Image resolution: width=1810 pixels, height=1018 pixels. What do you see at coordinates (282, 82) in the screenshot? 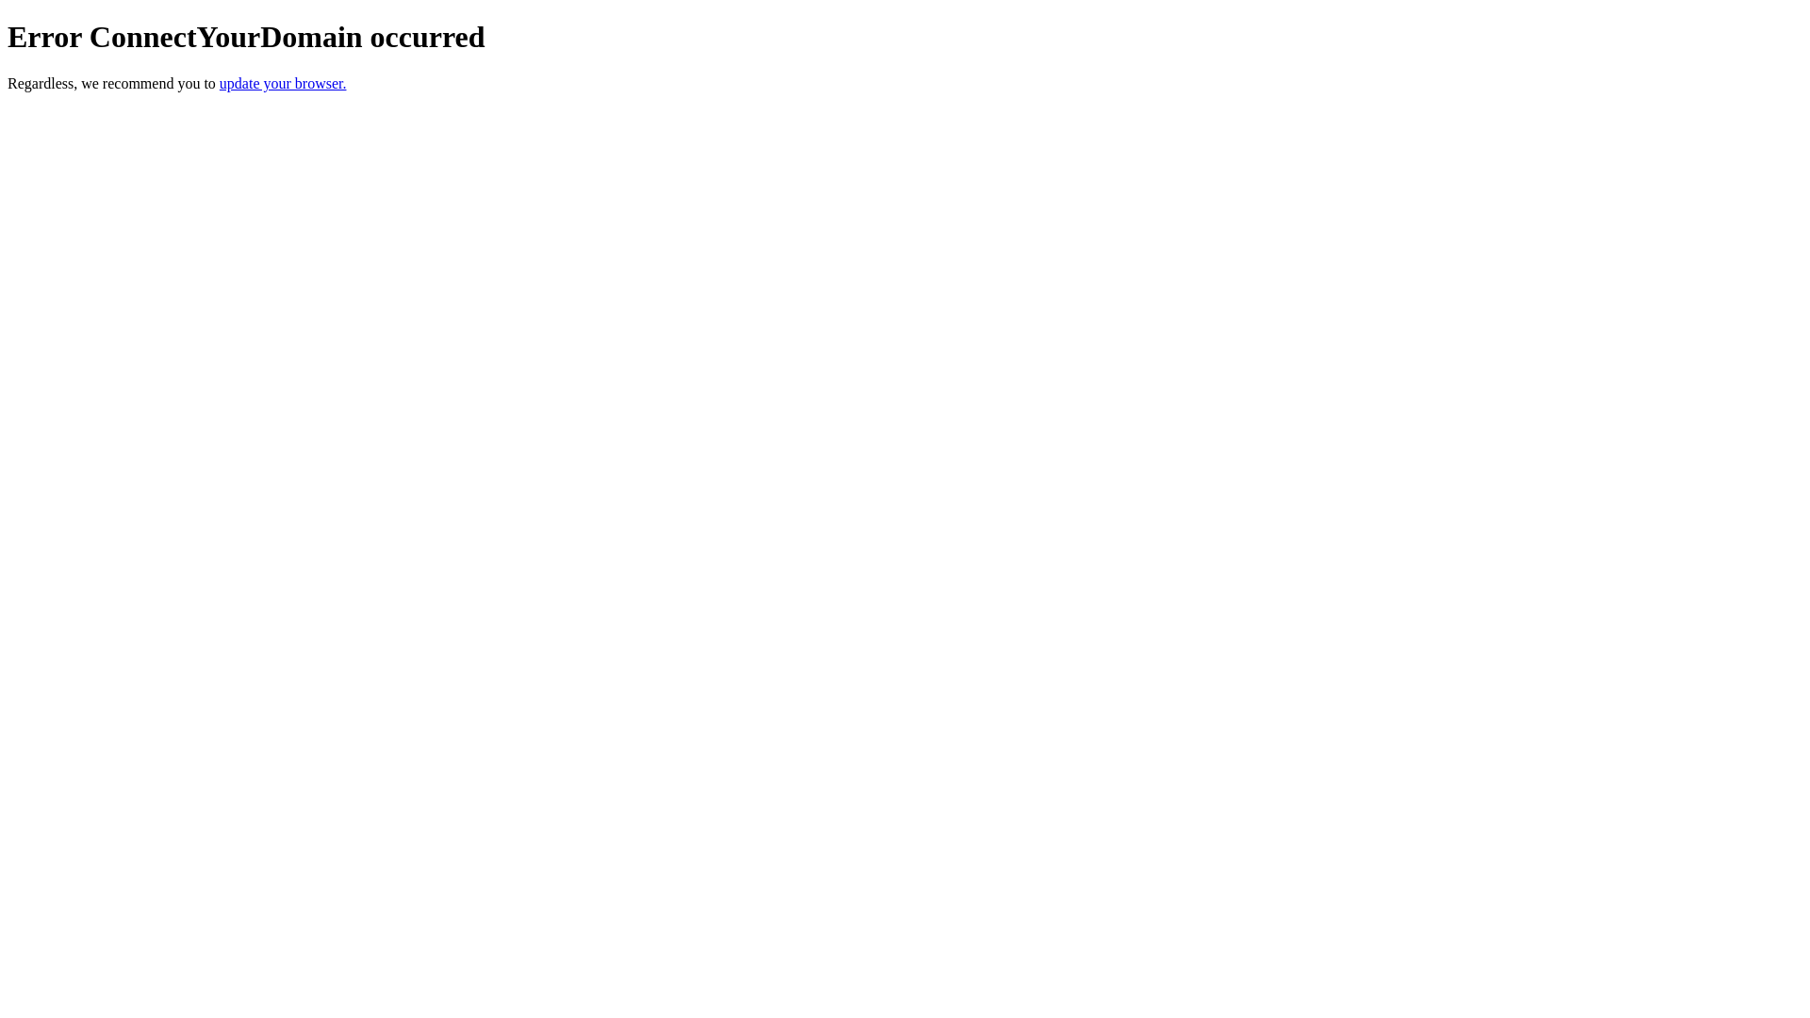
I see `'update your browser.'` at bounding box center [282, 82].